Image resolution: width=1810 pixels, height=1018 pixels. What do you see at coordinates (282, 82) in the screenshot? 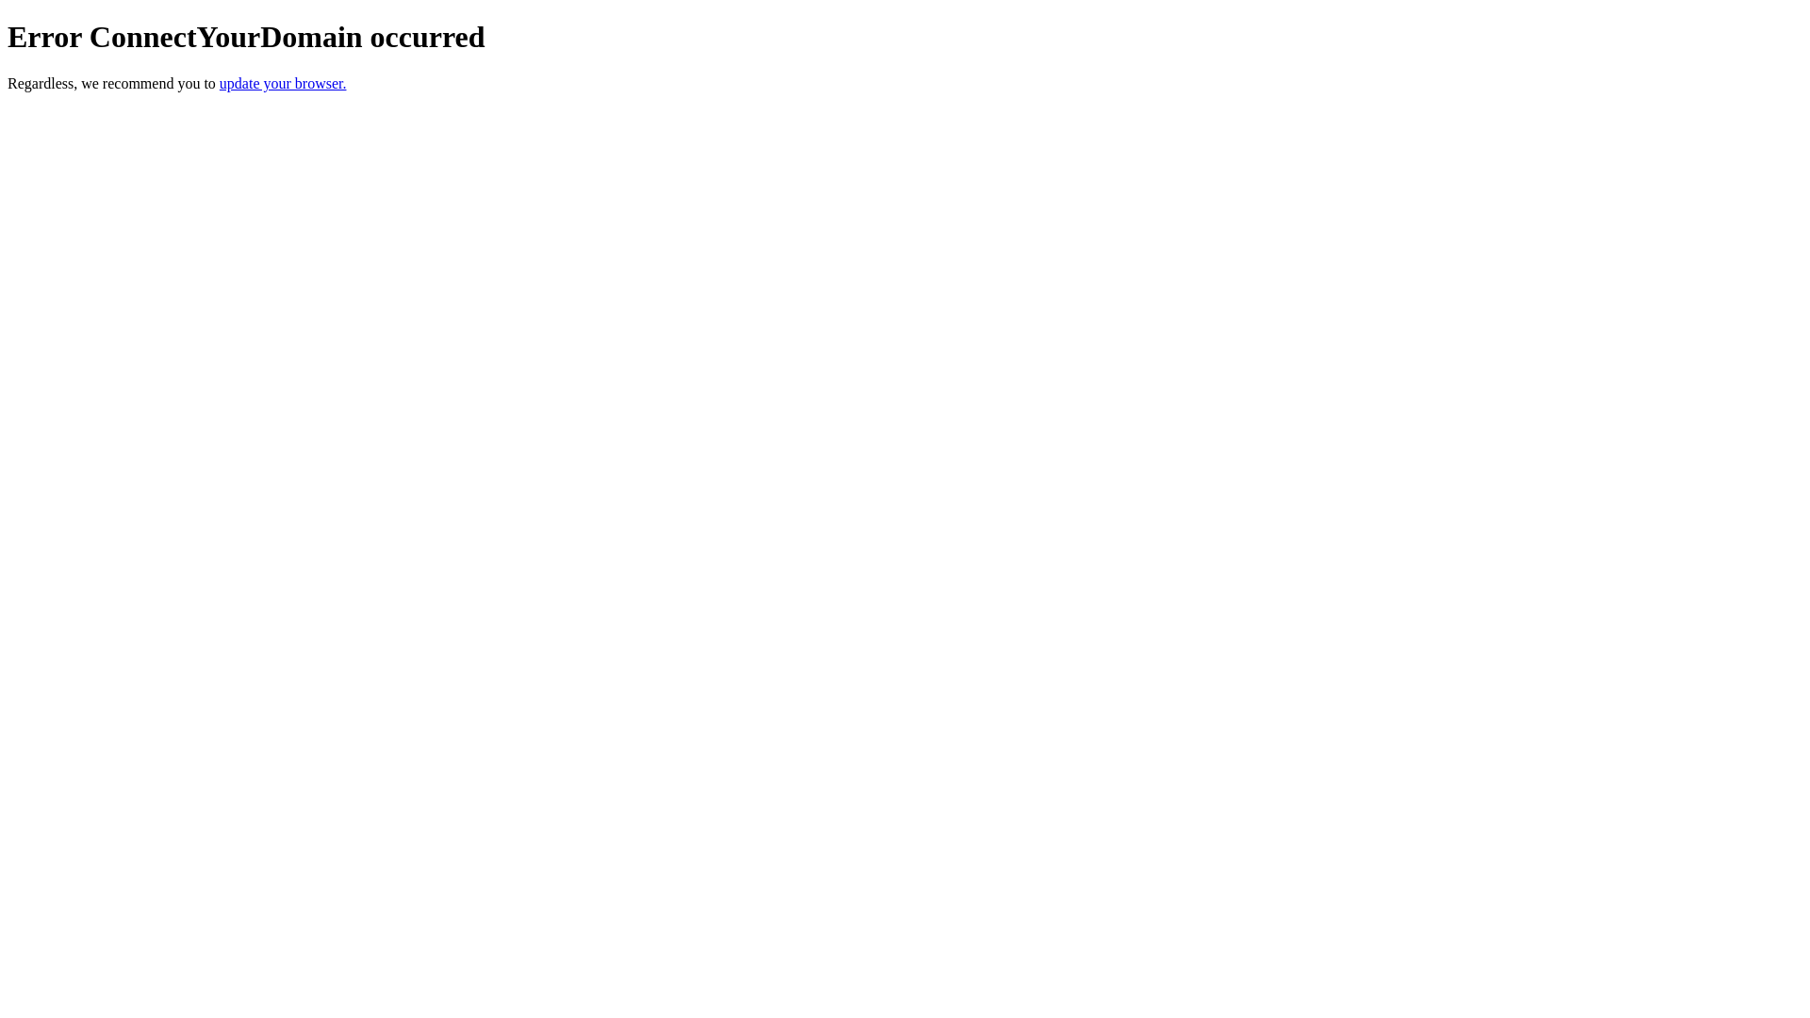
I see `'update your browser.'` at bounding box center [282, 82].